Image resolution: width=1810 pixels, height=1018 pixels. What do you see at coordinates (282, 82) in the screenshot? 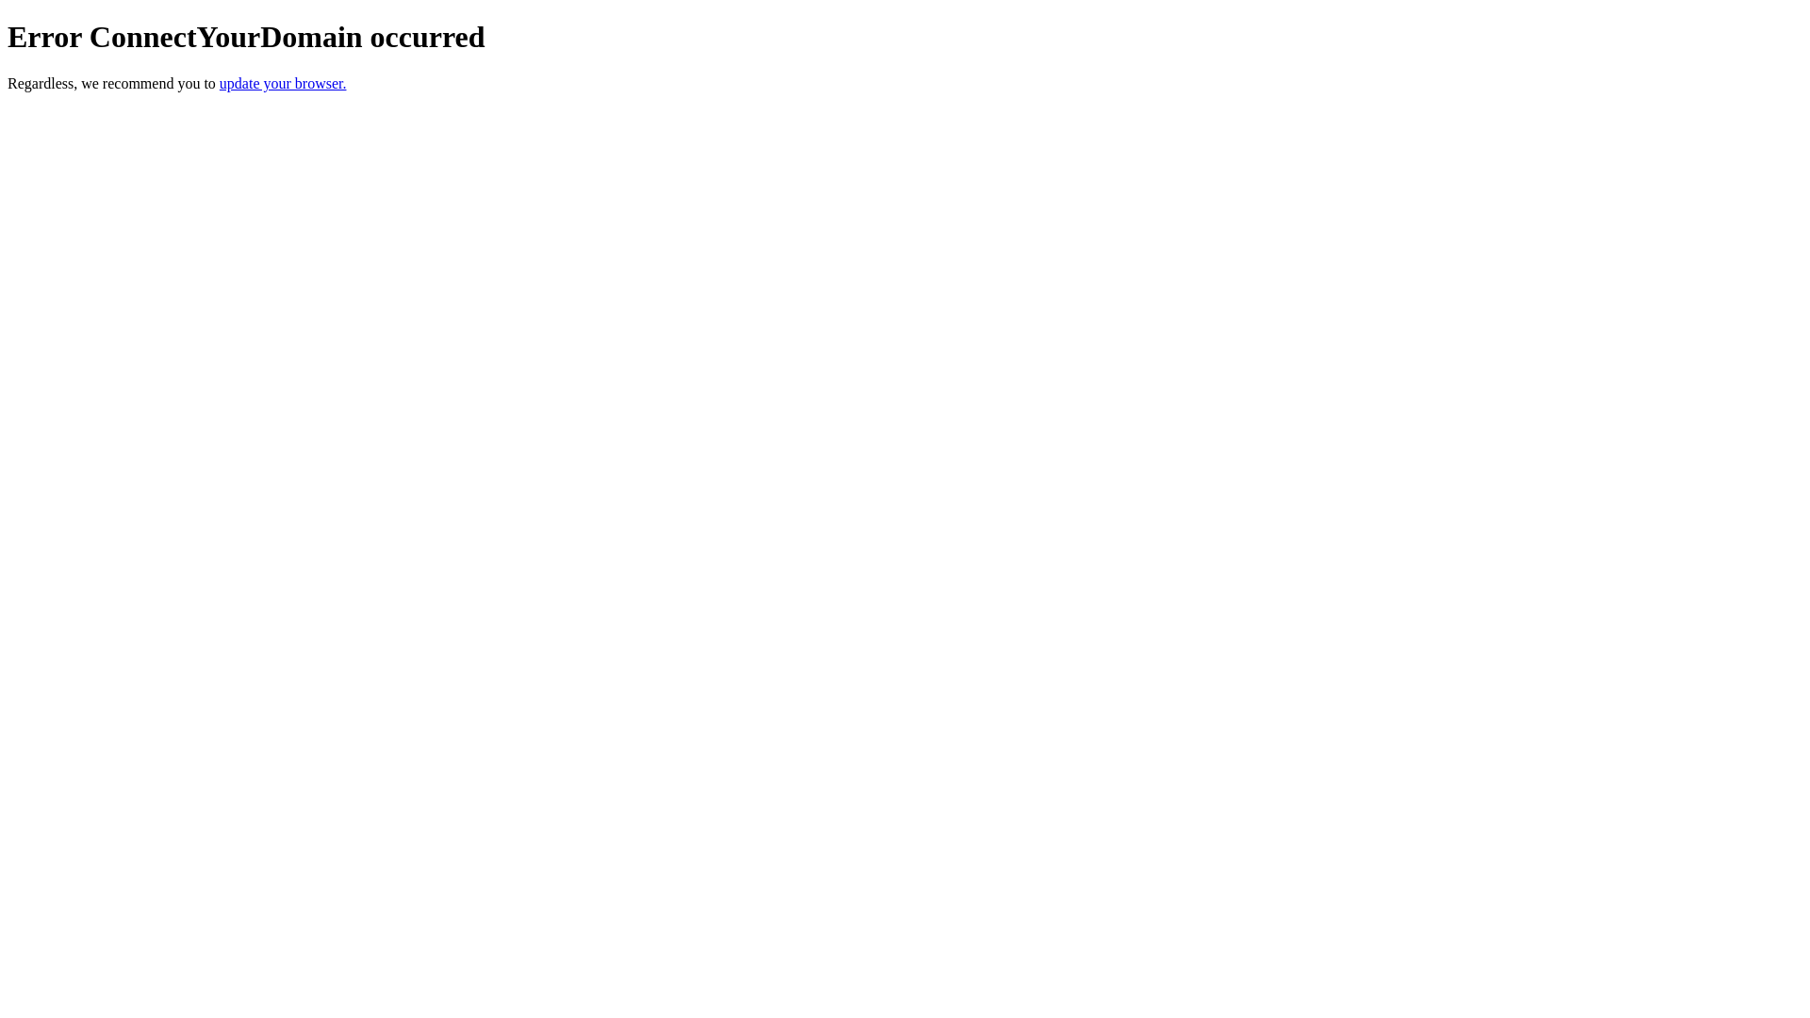
I see `'update your browser.'` at bounding box center [282, 82].